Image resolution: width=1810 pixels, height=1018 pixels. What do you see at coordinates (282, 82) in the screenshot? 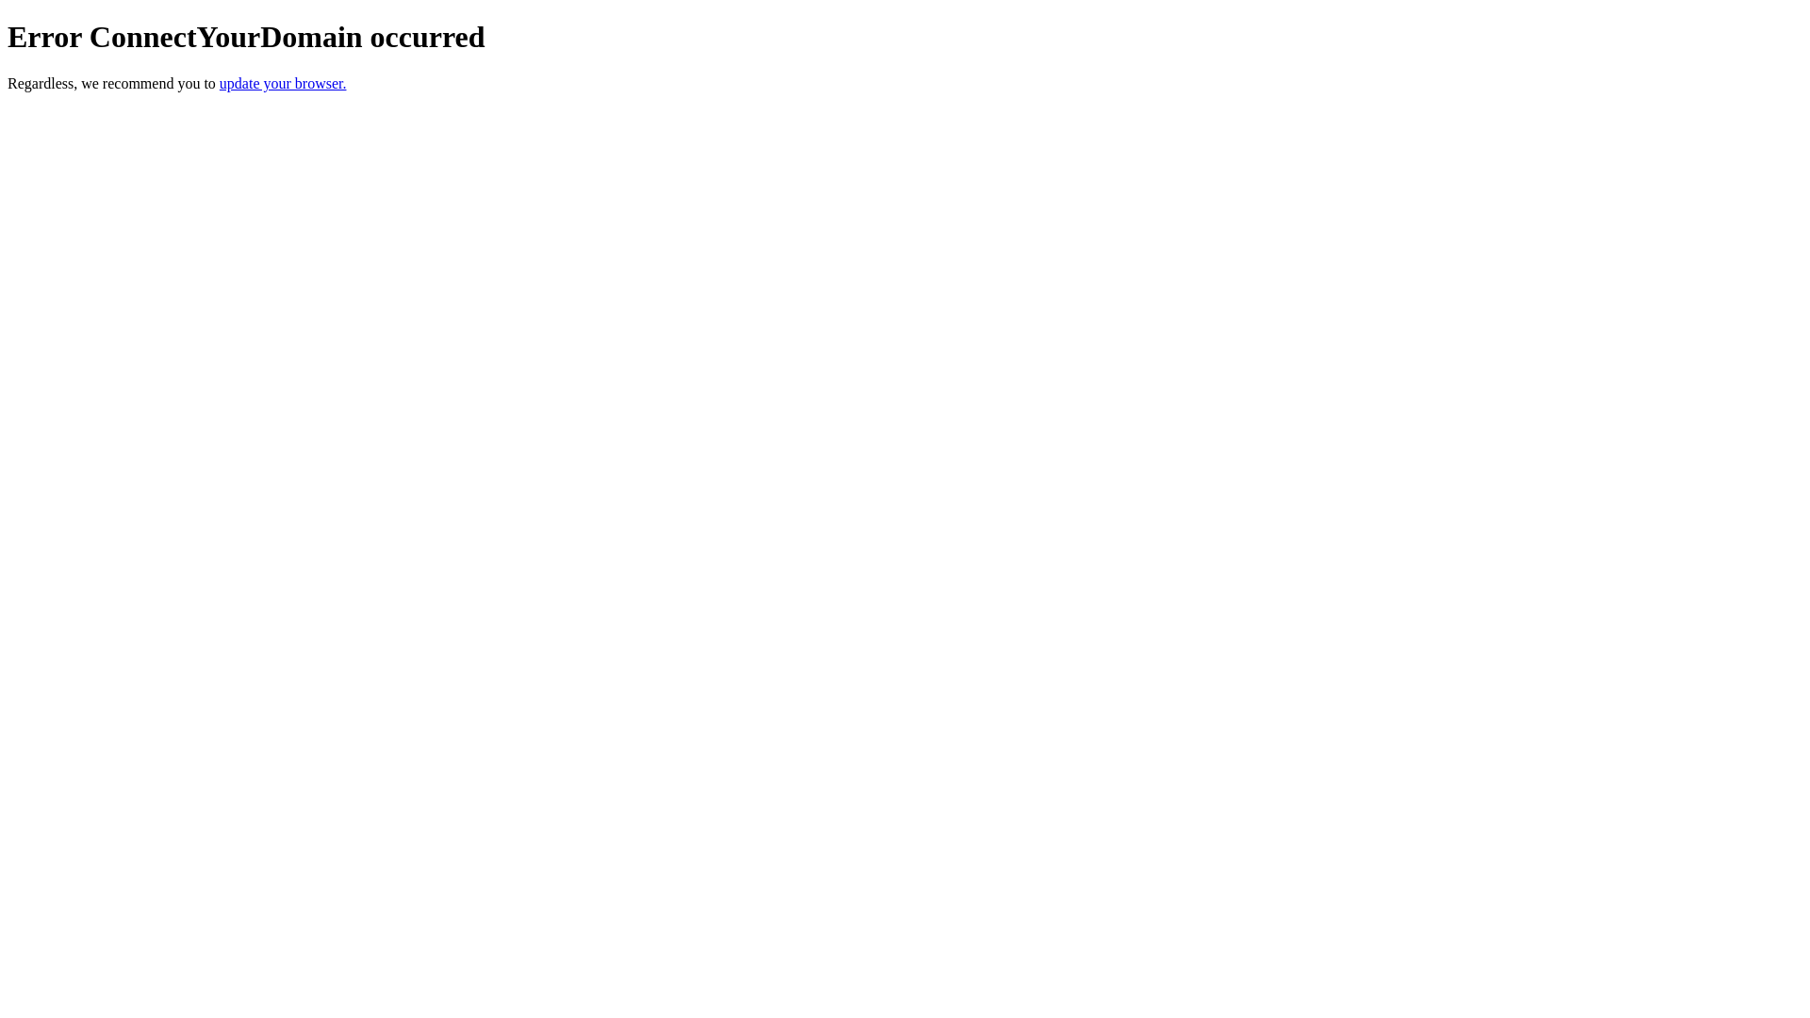
I see `'update your browser.'` at bounding box center [282, 82].